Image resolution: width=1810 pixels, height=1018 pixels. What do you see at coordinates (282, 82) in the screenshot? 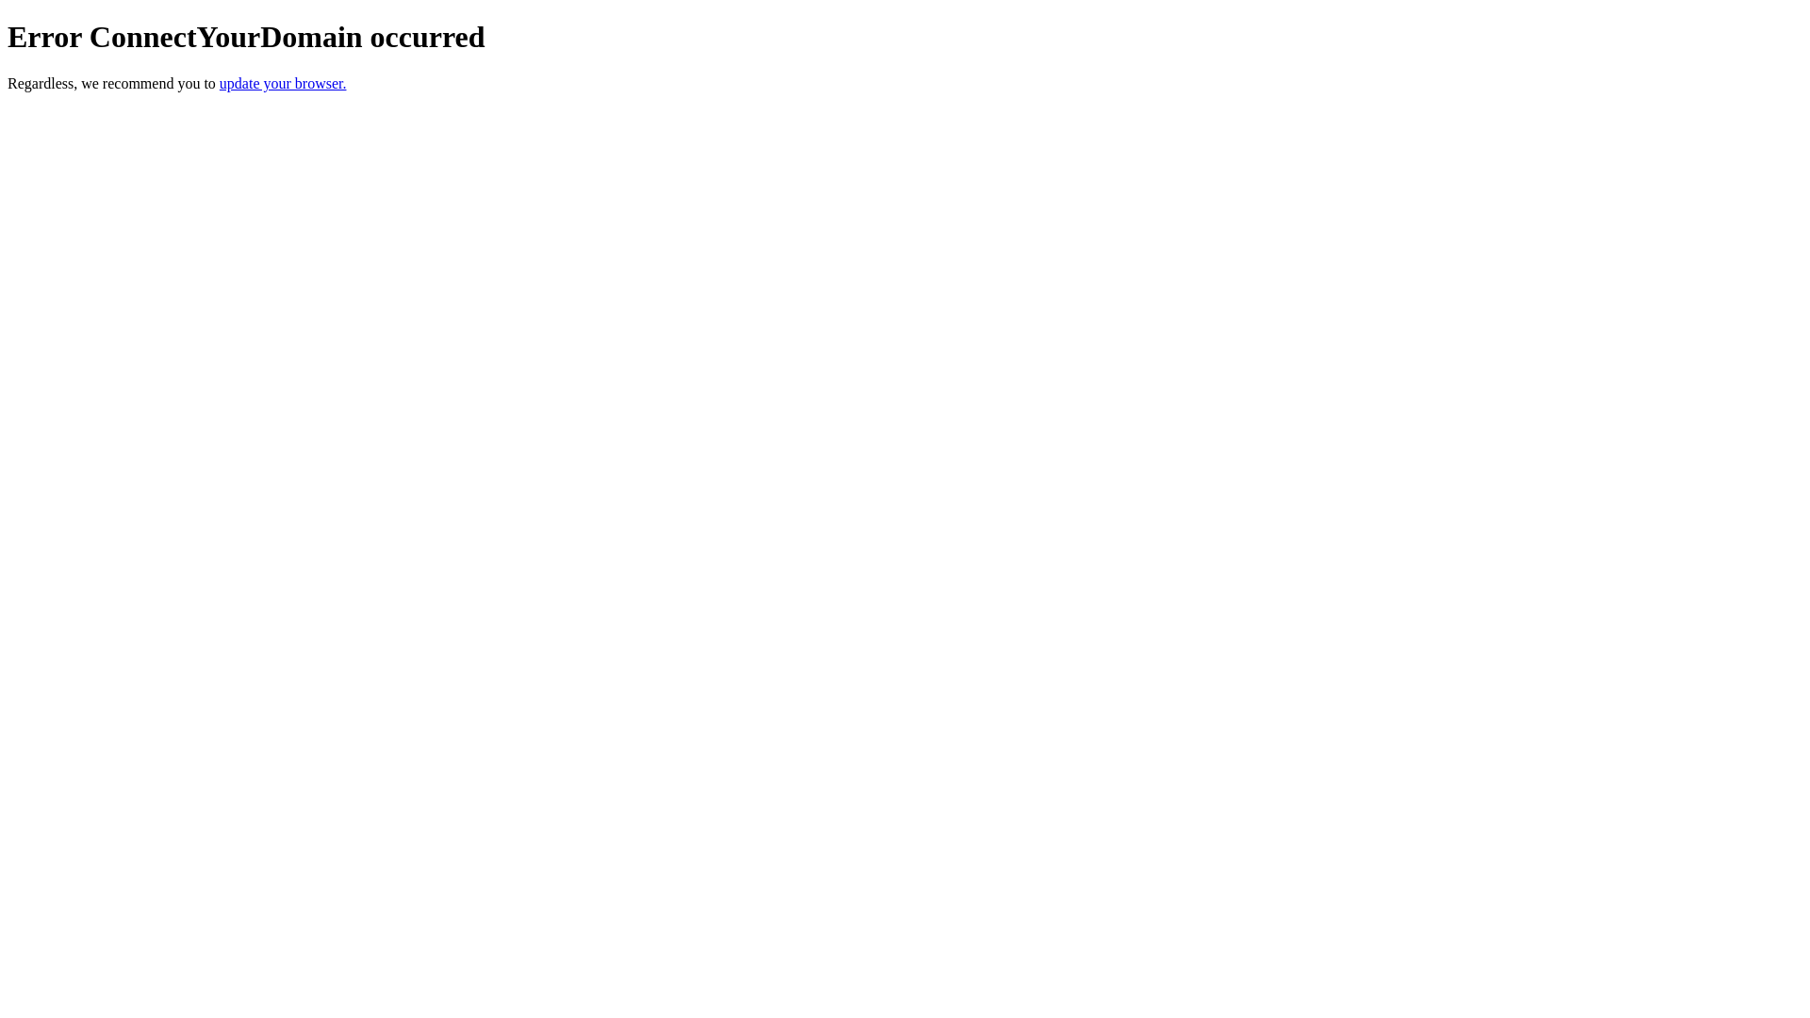
I see `'update your browser.'` at bounding box center [282, 82].